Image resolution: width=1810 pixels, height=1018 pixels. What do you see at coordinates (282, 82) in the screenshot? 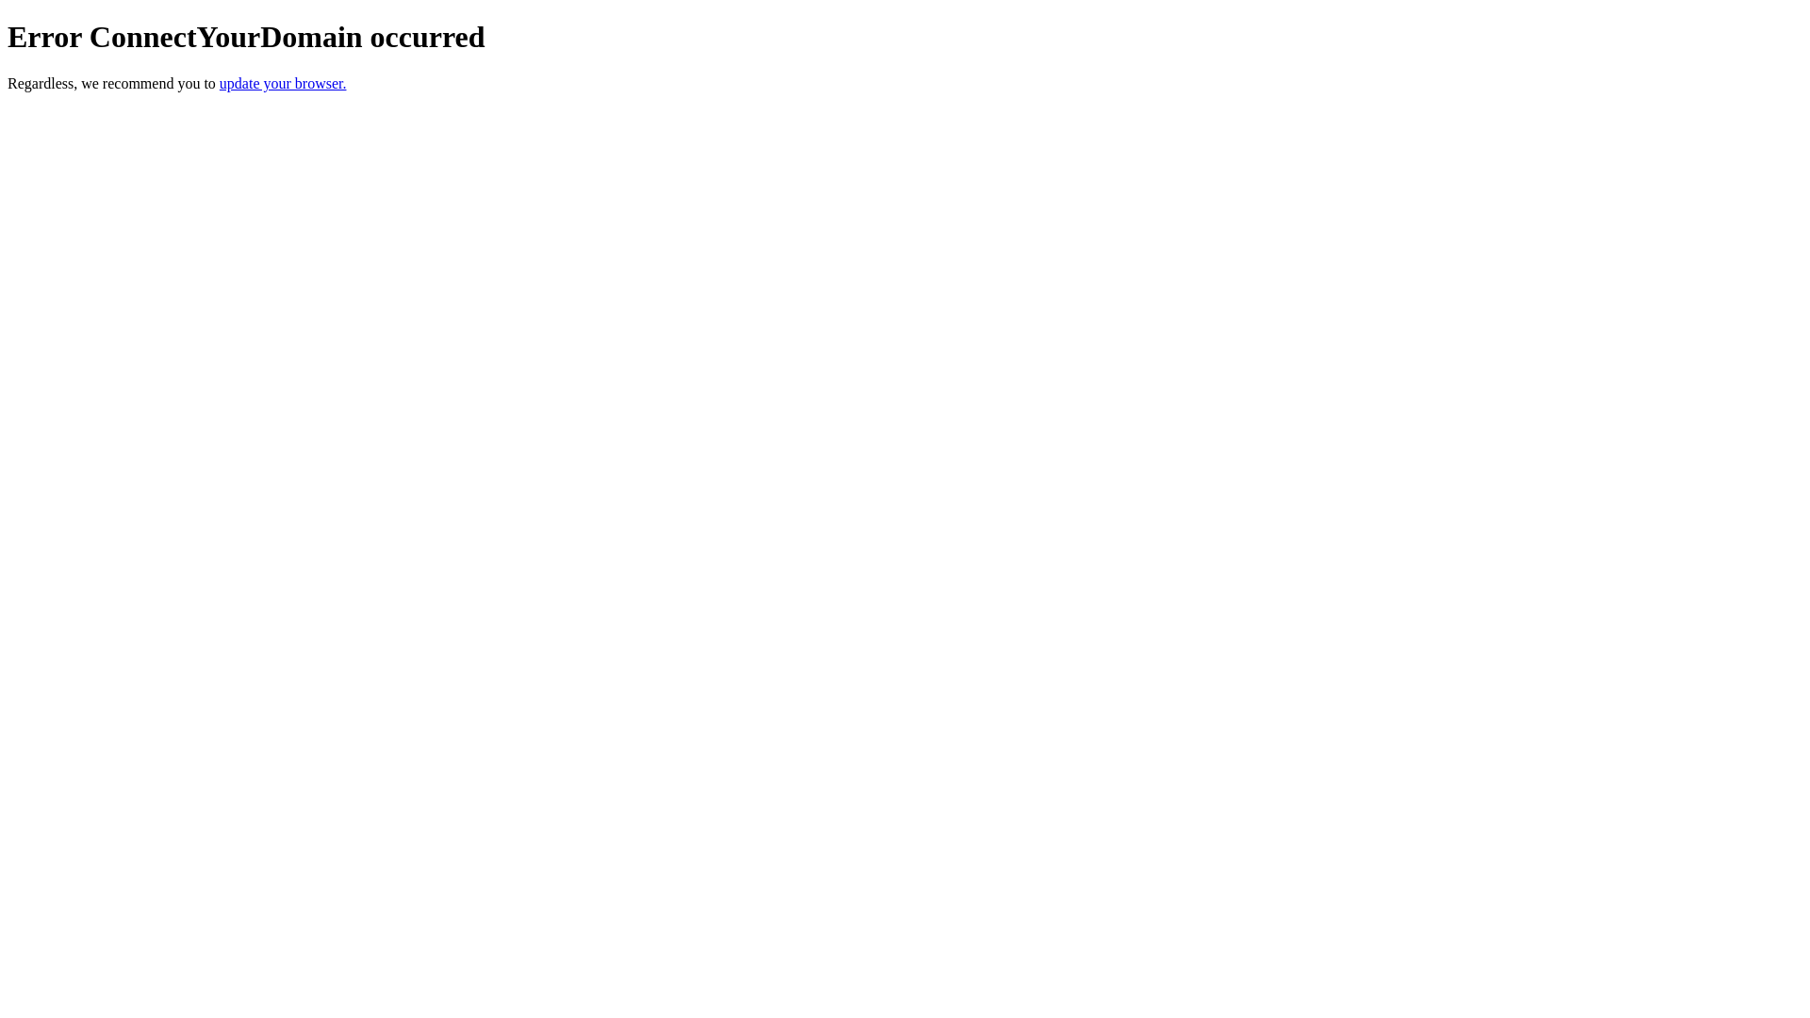
I see `'update your browser.'` at bounding box center [282, 82].